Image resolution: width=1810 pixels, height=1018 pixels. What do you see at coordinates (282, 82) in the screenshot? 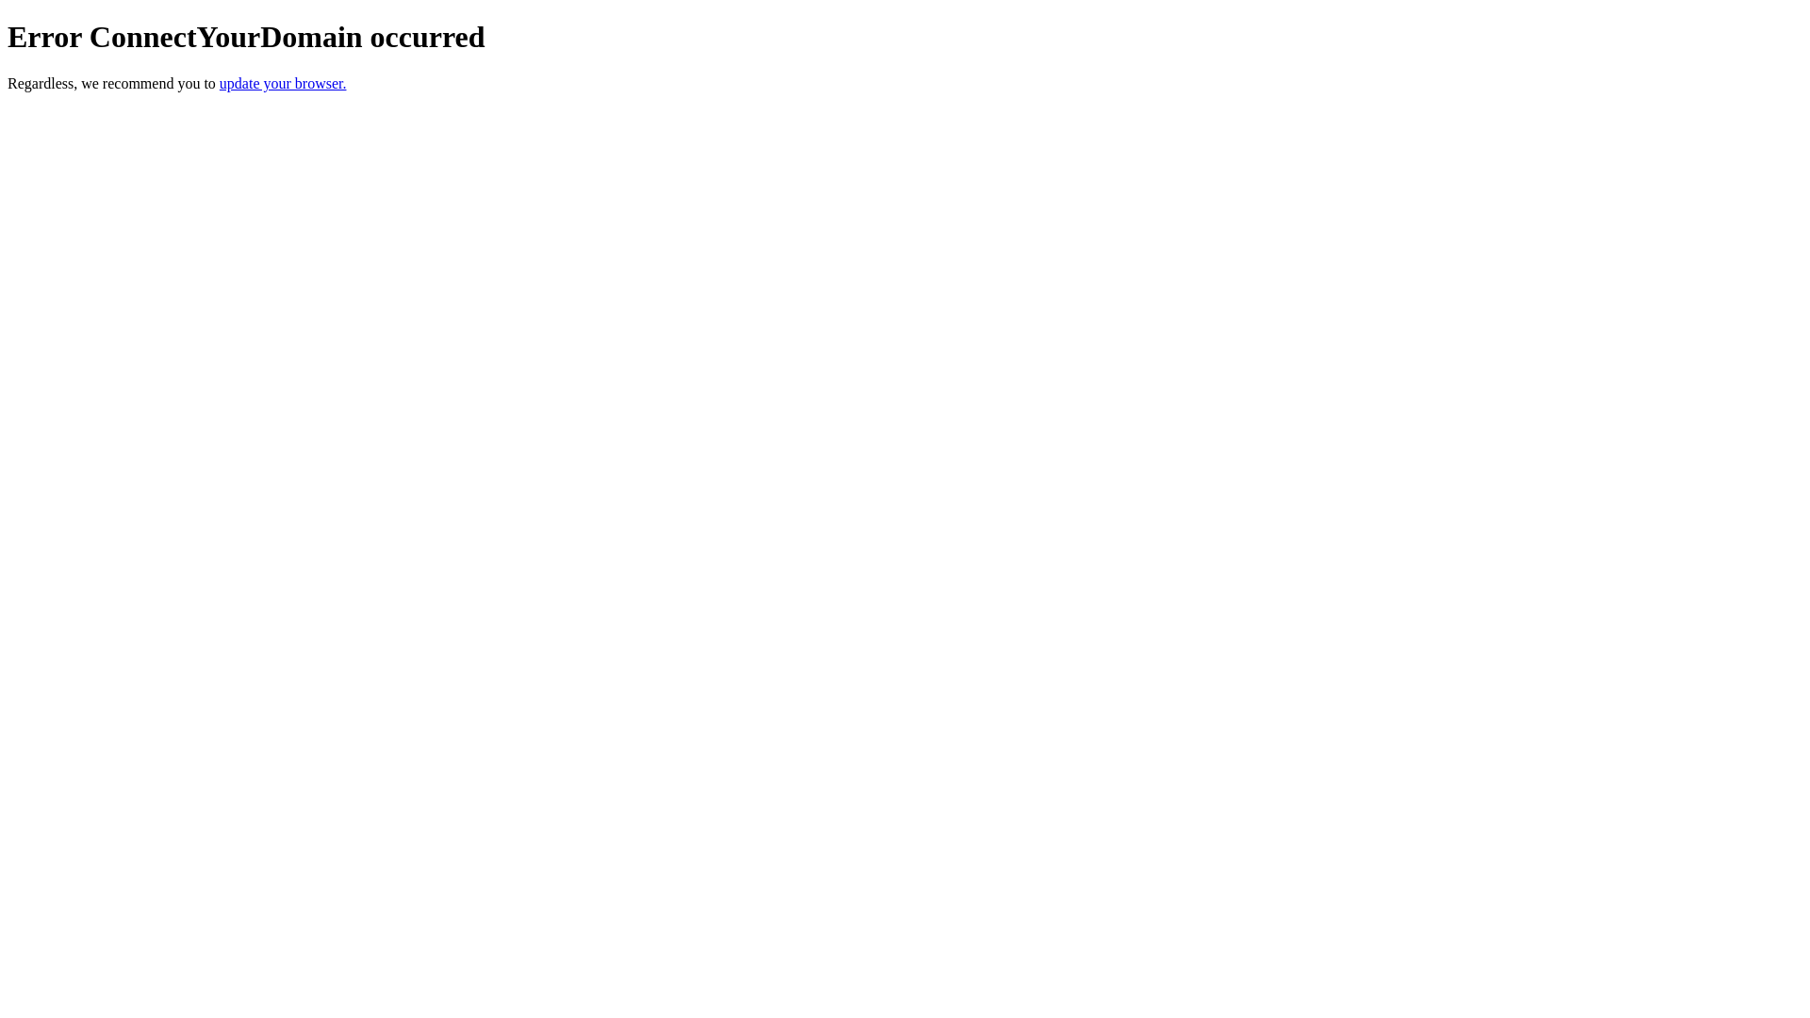
I see `'update your browser.'` at bounding box center [282, 82].